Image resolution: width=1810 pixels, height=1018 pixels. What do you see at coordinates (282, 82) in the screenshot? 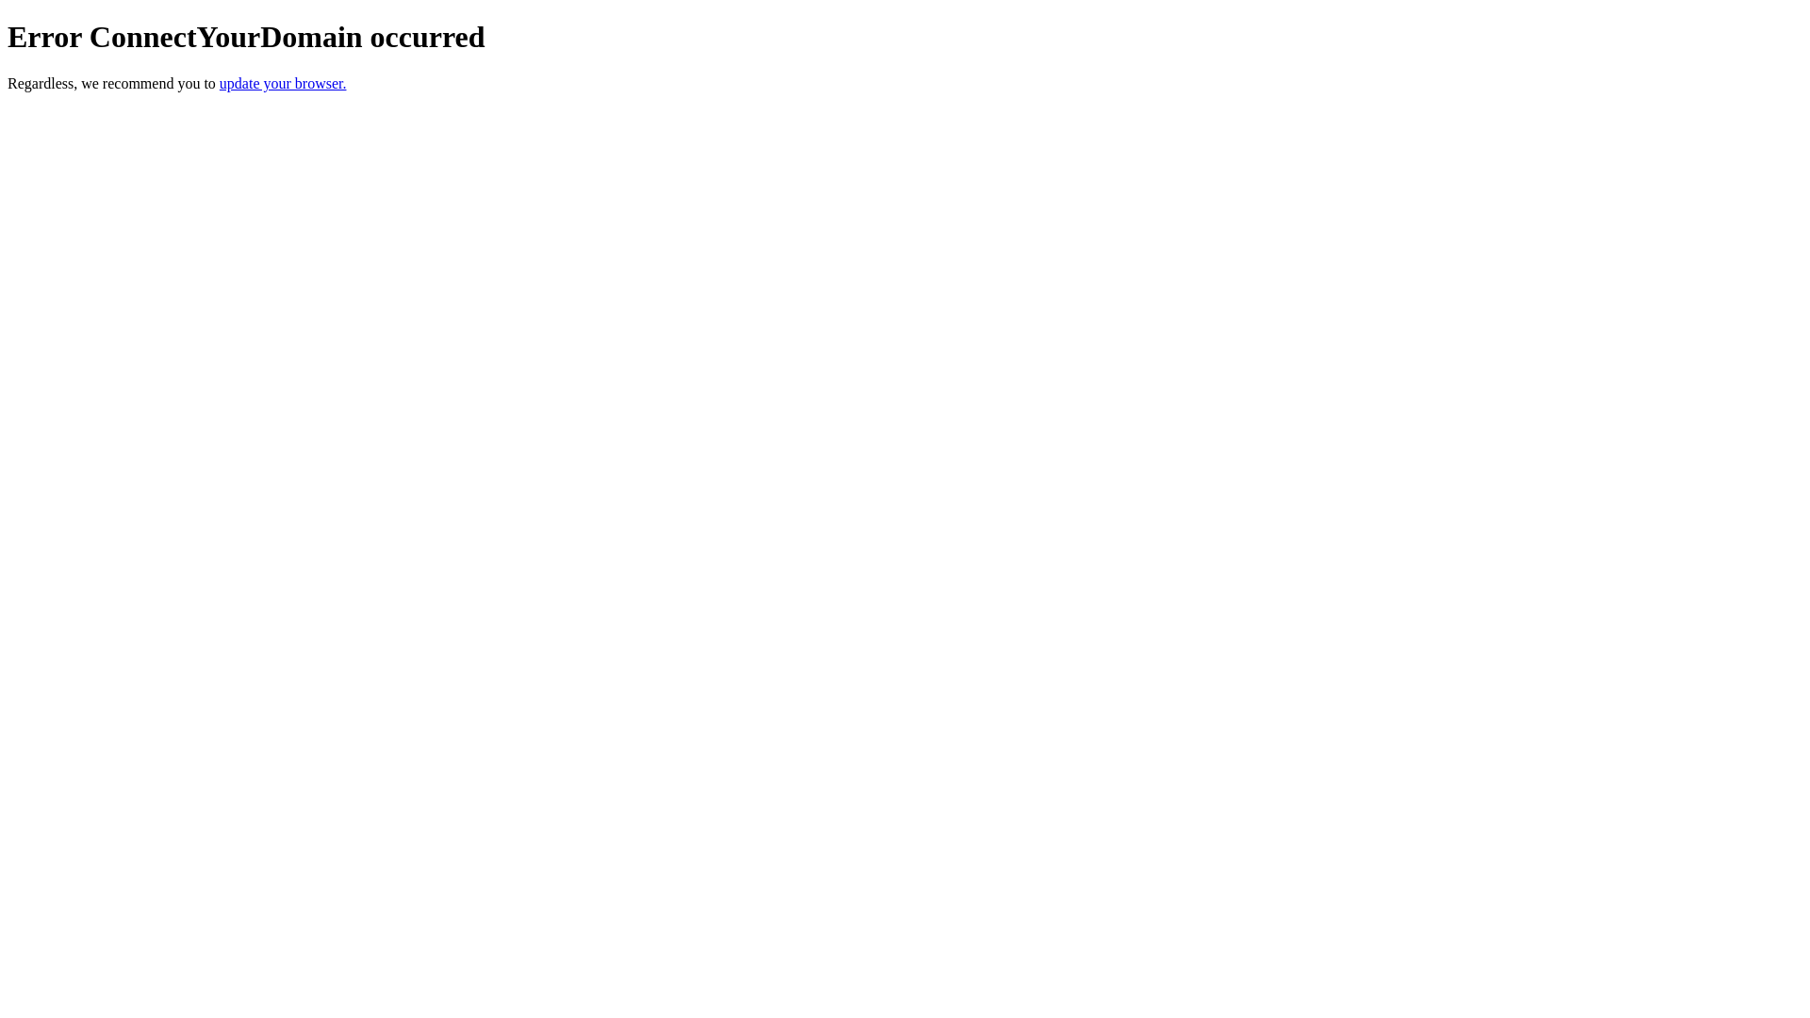
I see `'update your browser.'` at bounding box center [282, 82].